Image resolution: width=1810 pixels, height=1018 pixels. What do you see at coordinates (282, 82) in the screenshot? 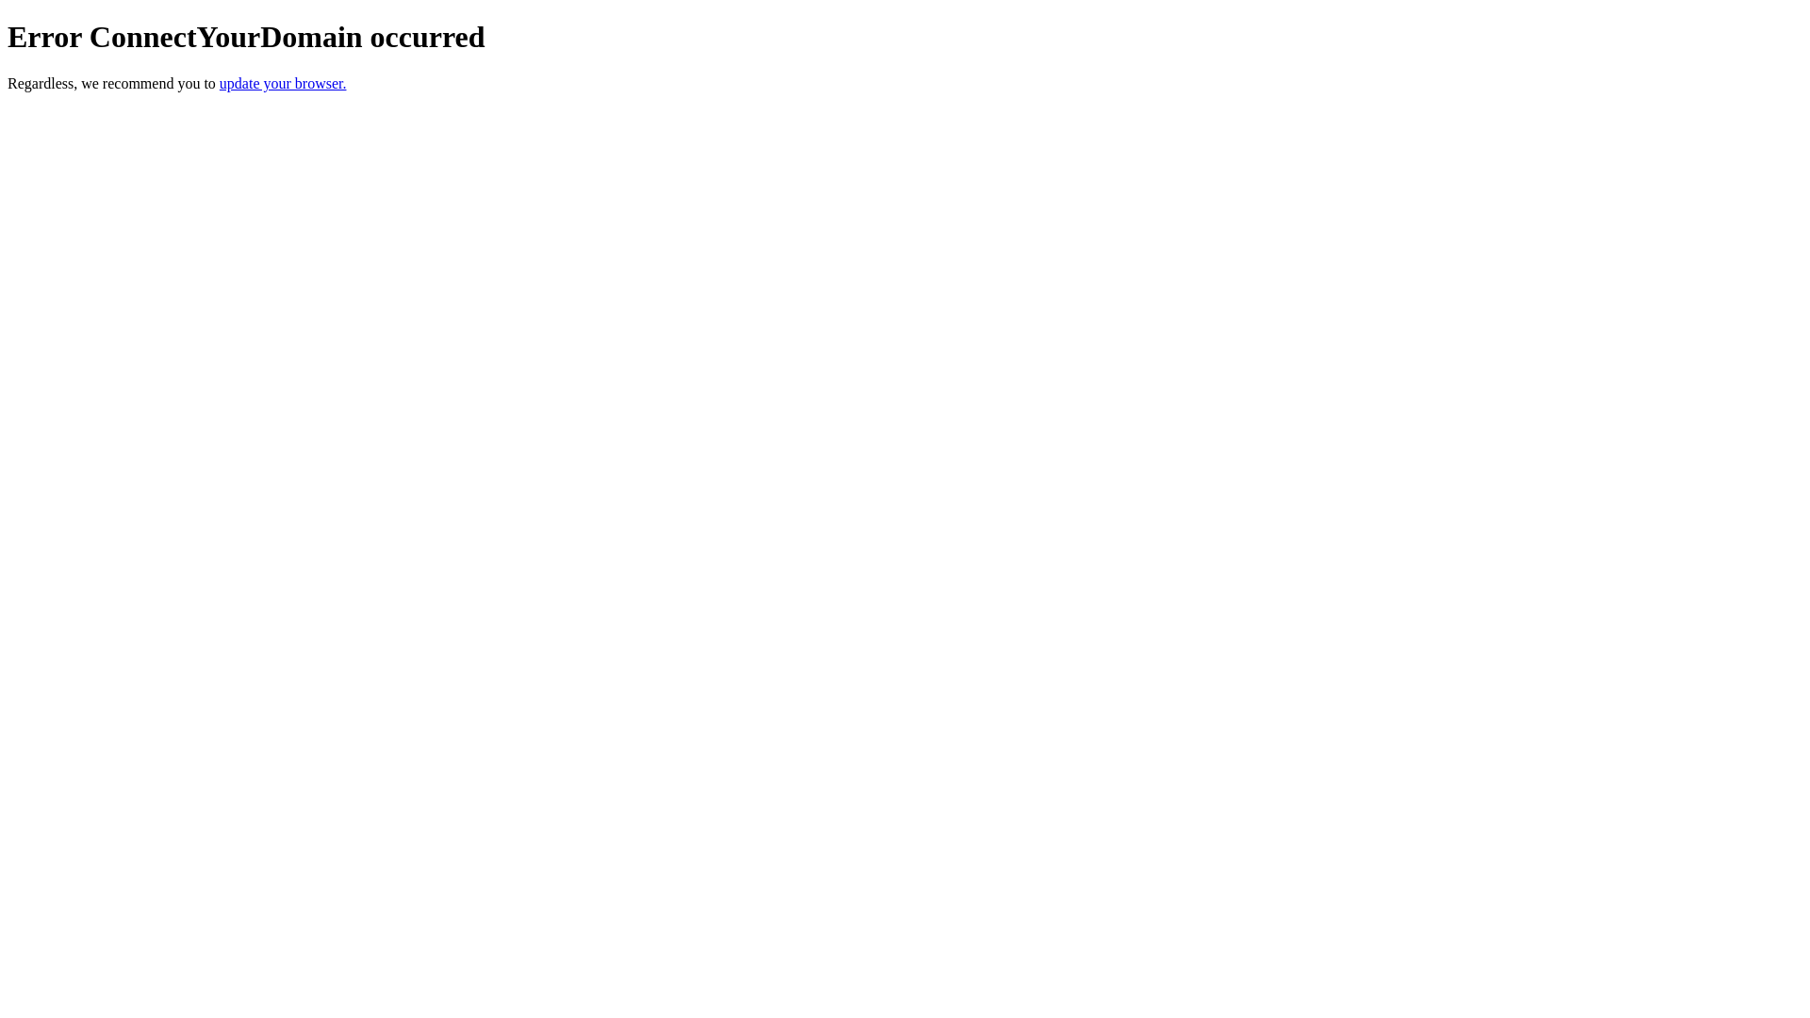
I see `'update your browser.'` at bounding box center [282, 82].